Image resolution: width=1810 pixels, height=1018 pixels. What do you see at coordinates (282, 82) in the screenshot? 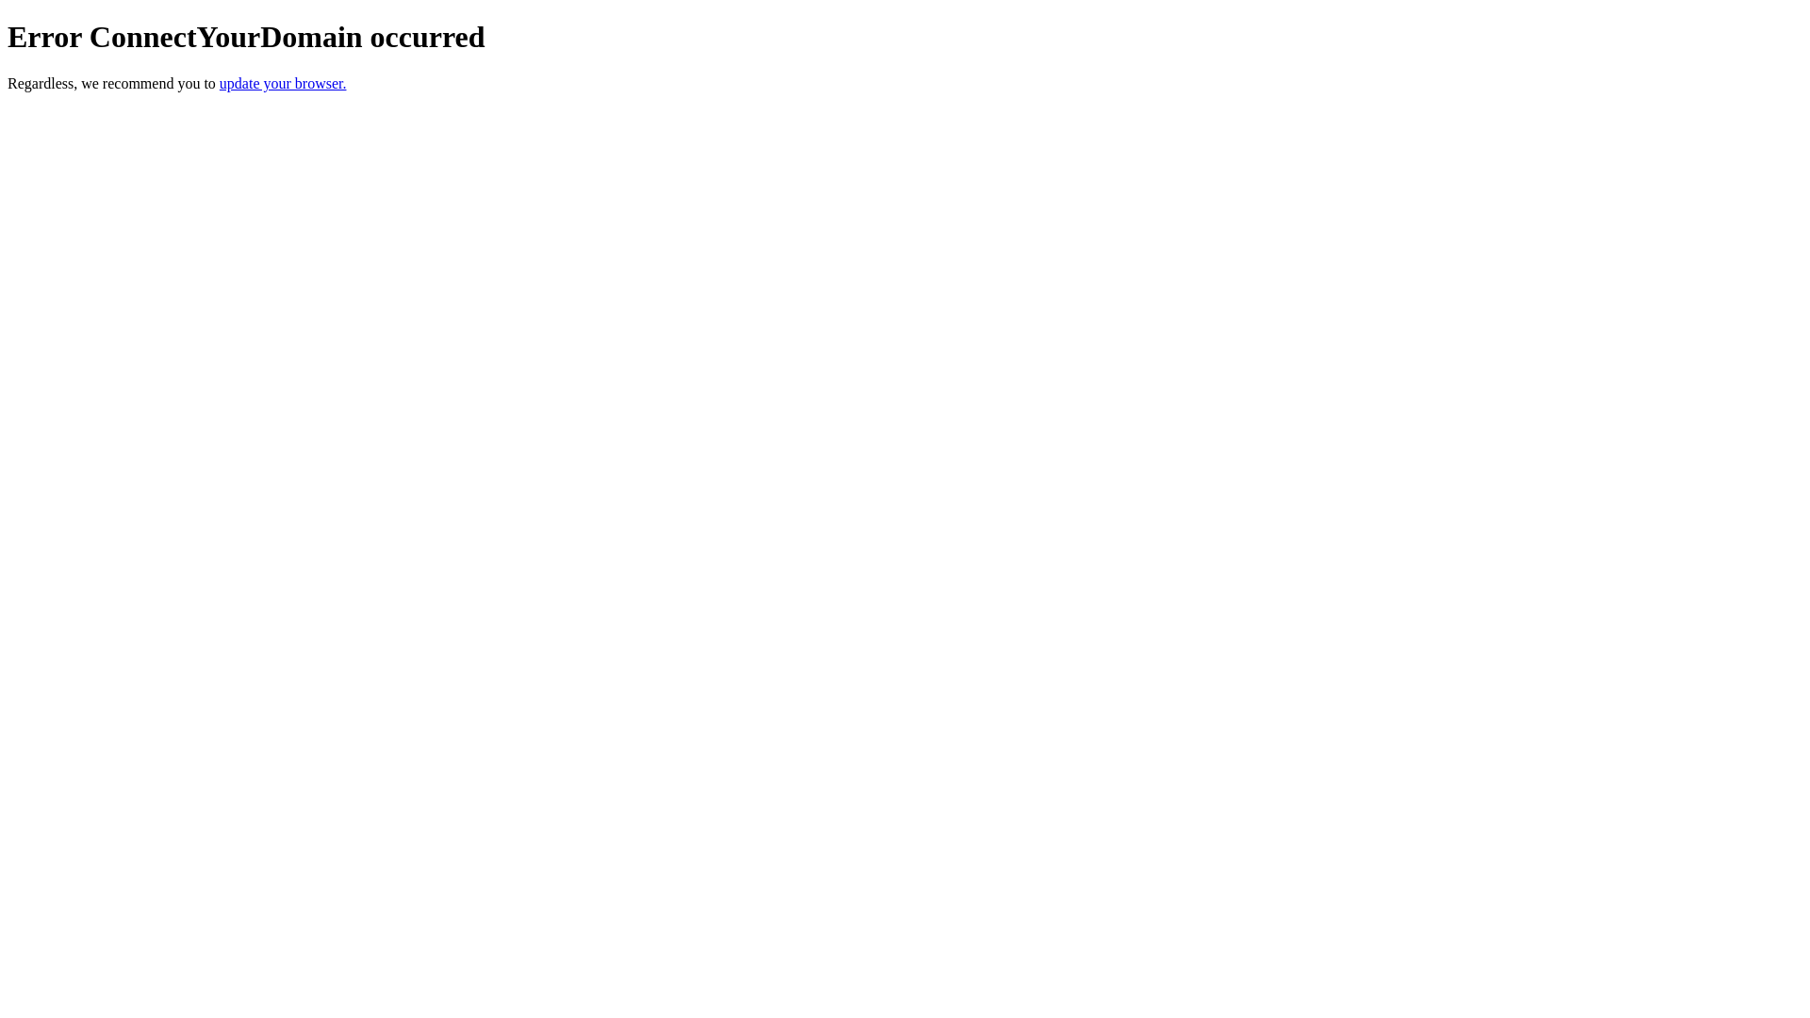
I see `'update your browser.'` at bounding box center [282, 82].